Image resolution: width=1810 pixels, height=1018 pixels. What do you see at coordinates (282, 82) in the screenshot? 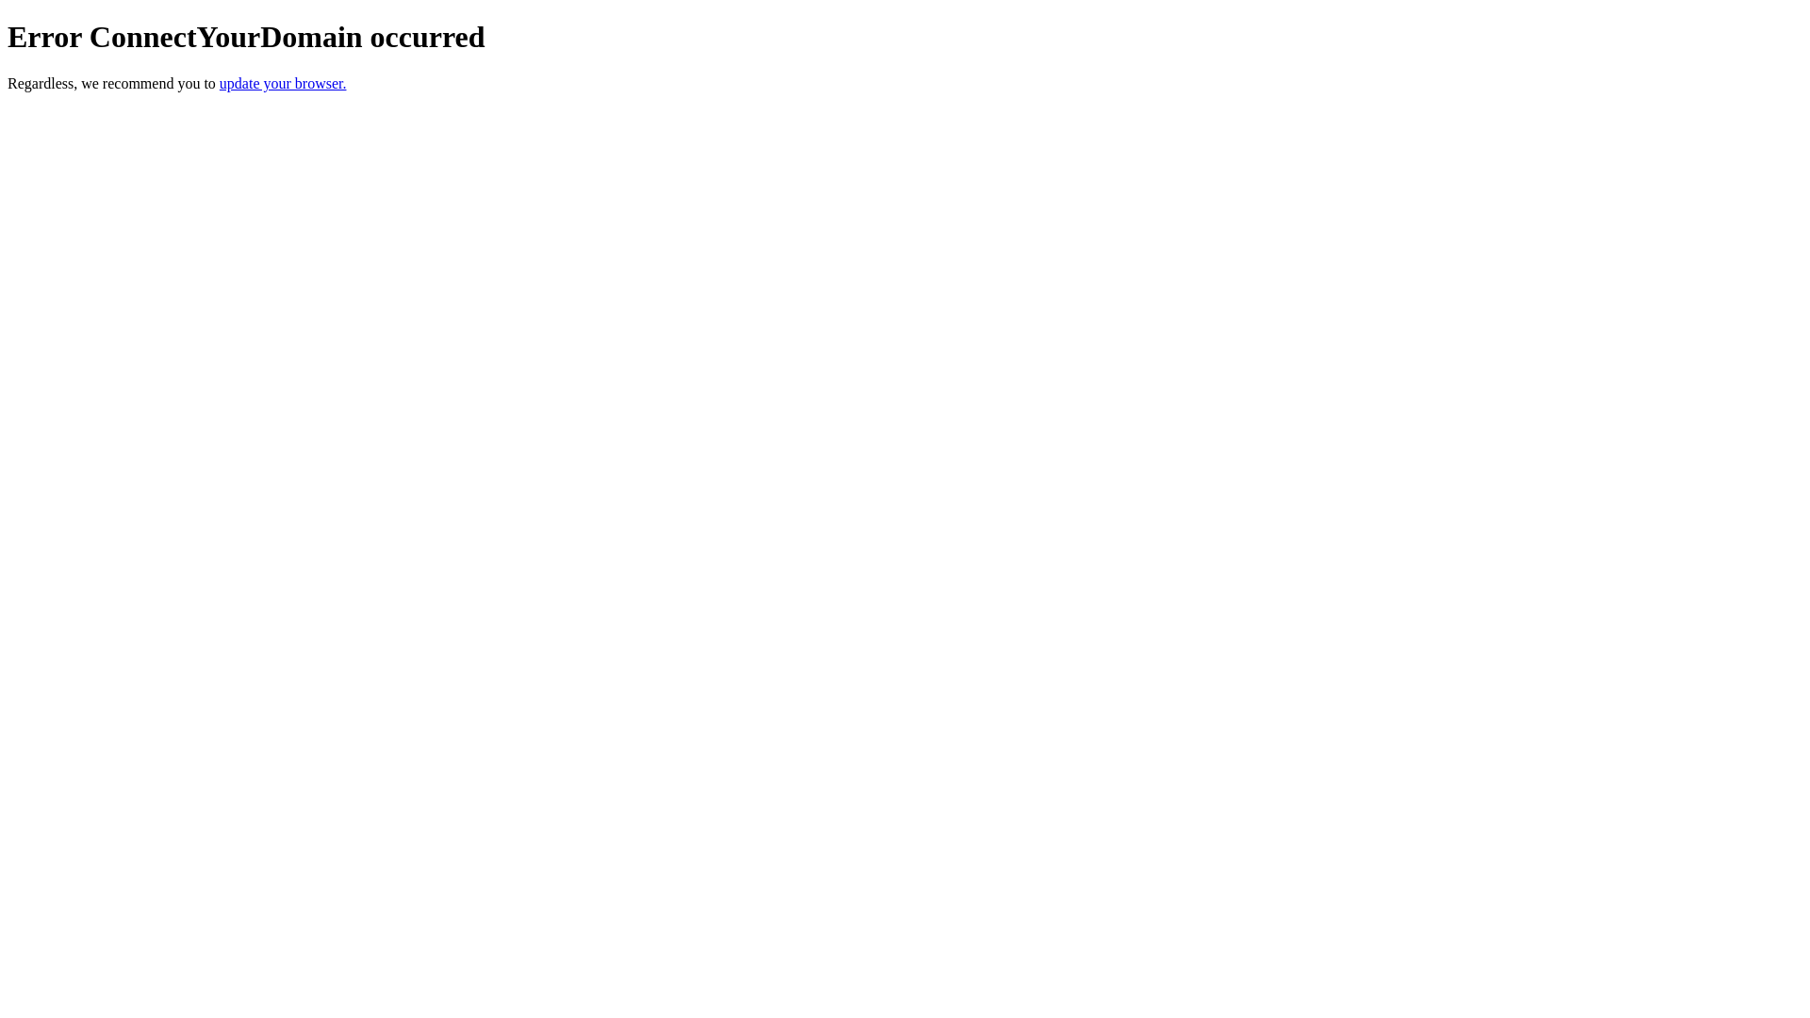
I see `'update your browser.'` at bounding box center [282, 82].